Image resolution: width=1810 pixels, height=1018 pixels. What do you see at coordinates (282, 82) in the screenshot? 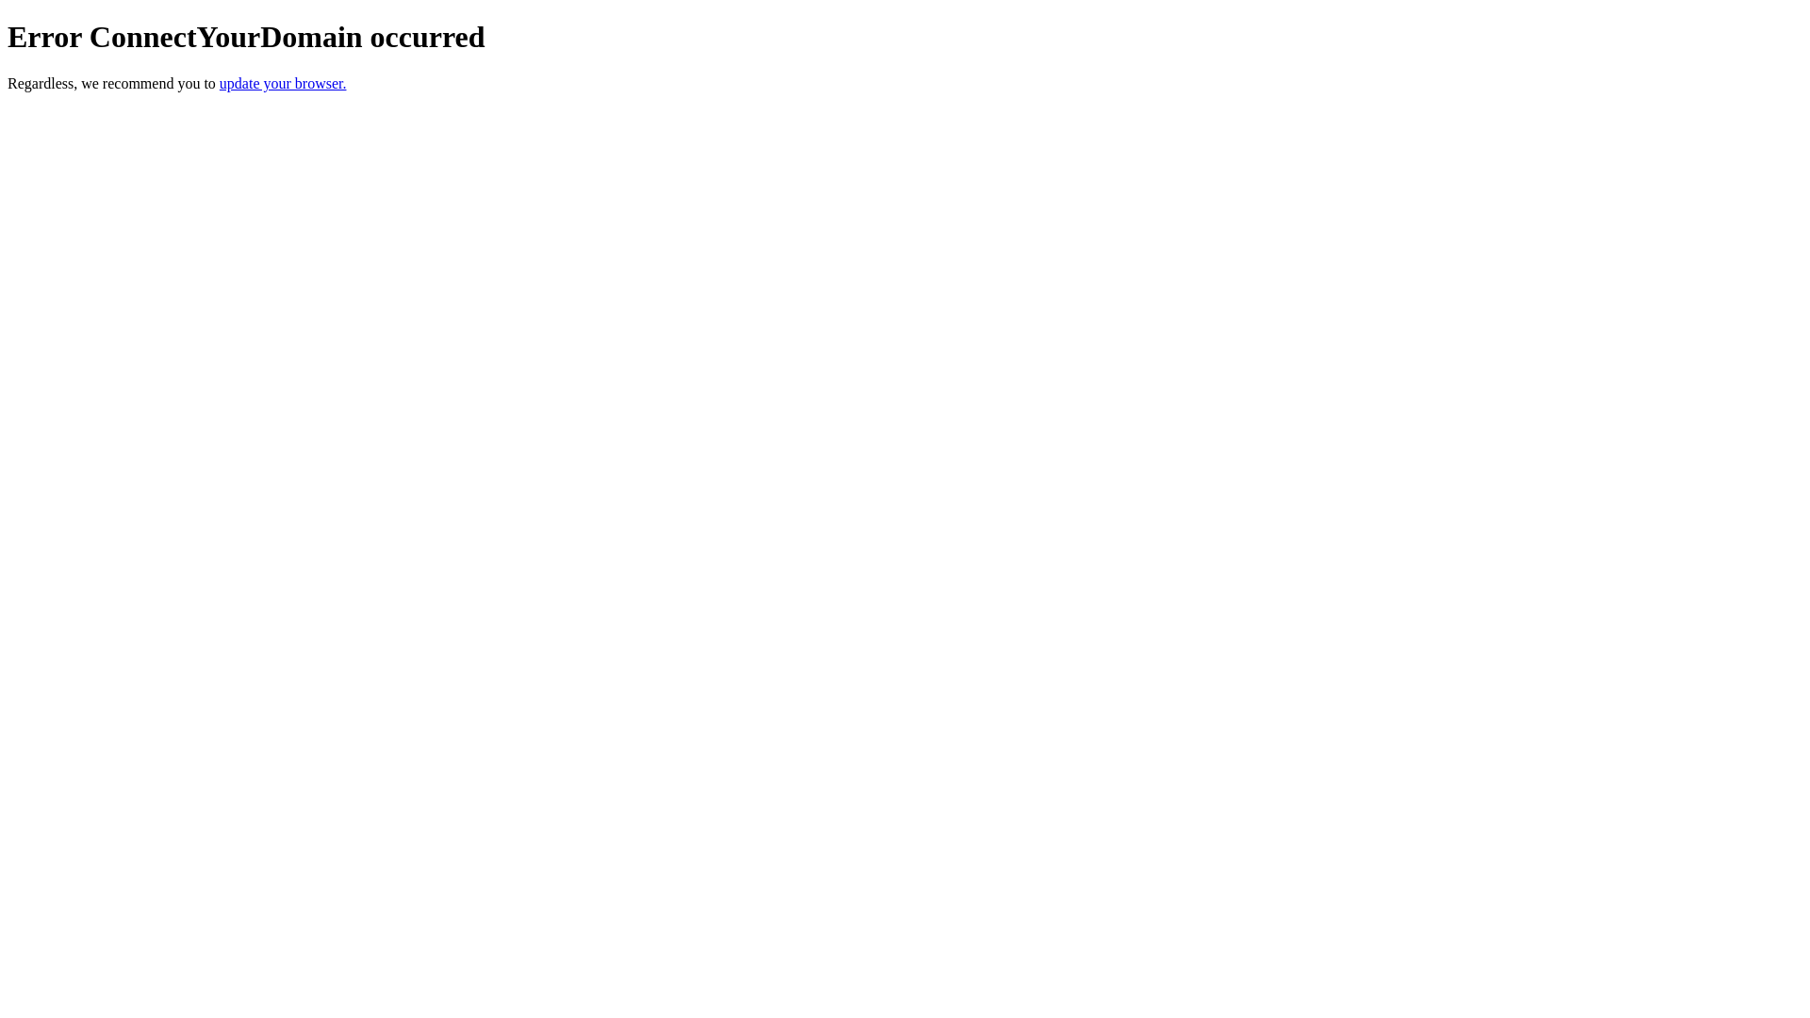
I see `'update your browser.'` at bounding box center [282, 82].